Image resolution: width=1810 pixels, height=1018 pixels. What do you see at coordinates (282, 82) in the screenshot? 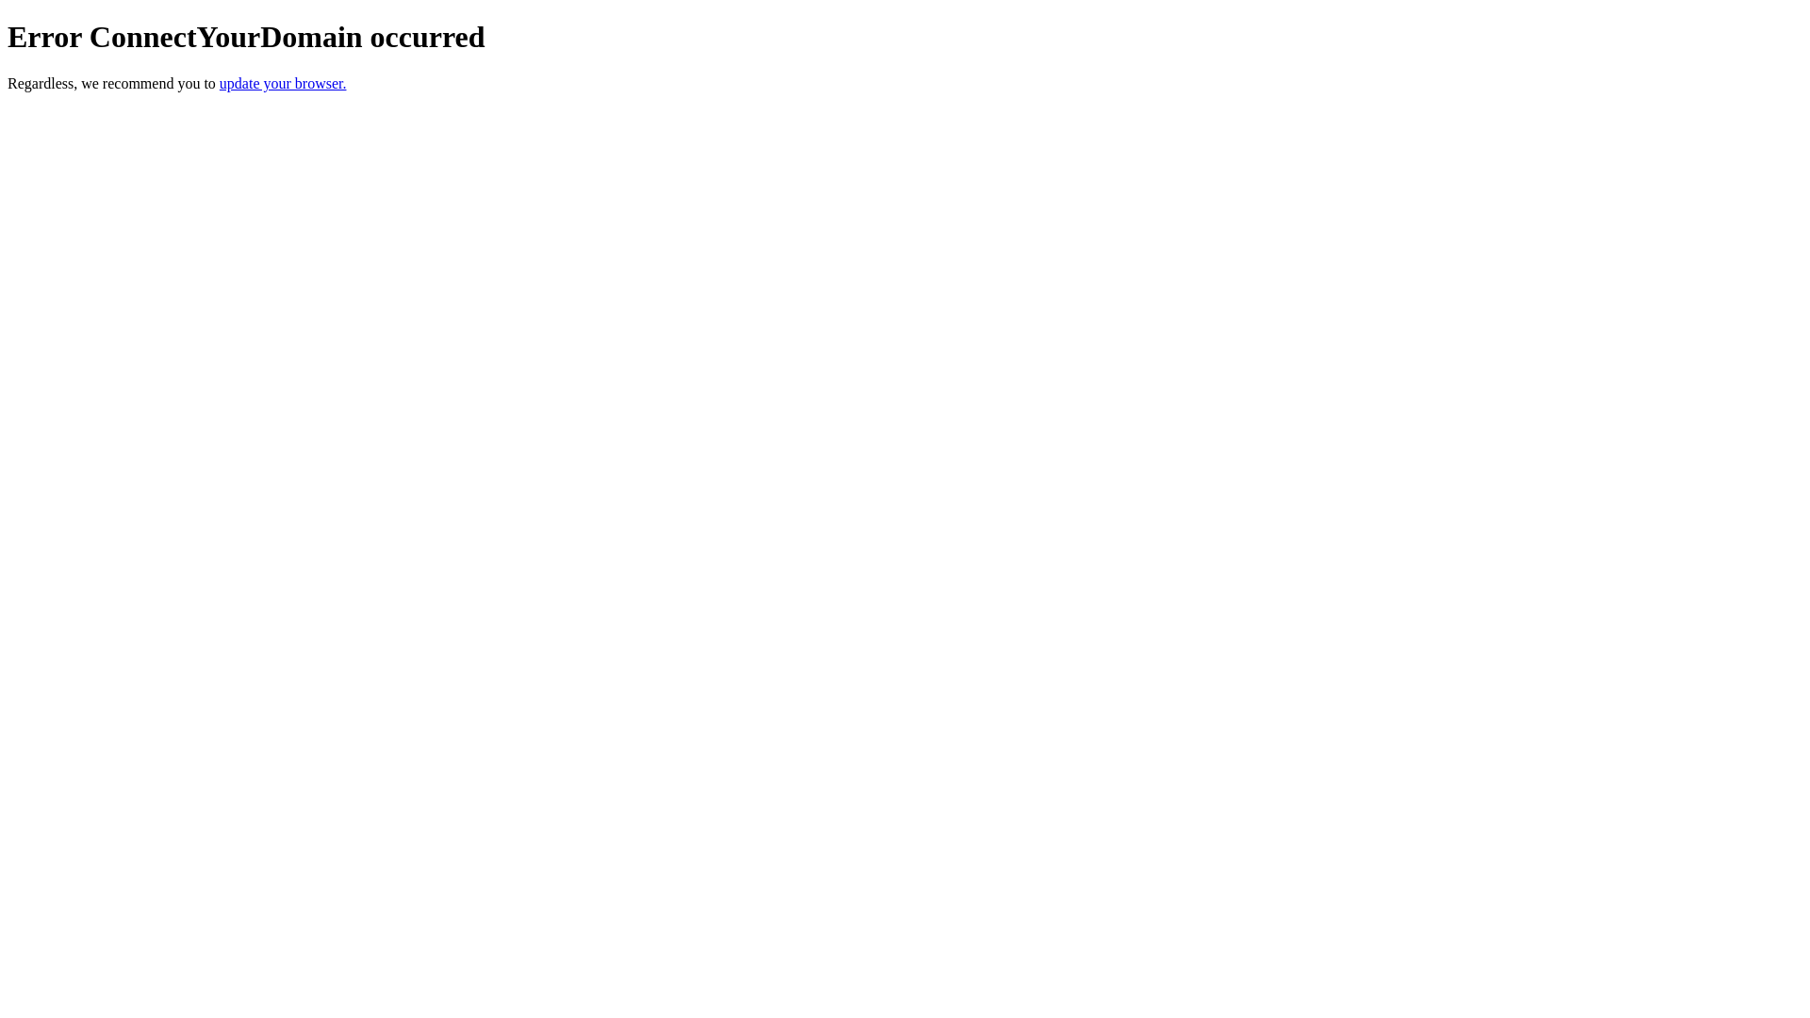
I see `'update your browser.'` at bounding box center [282, 82].